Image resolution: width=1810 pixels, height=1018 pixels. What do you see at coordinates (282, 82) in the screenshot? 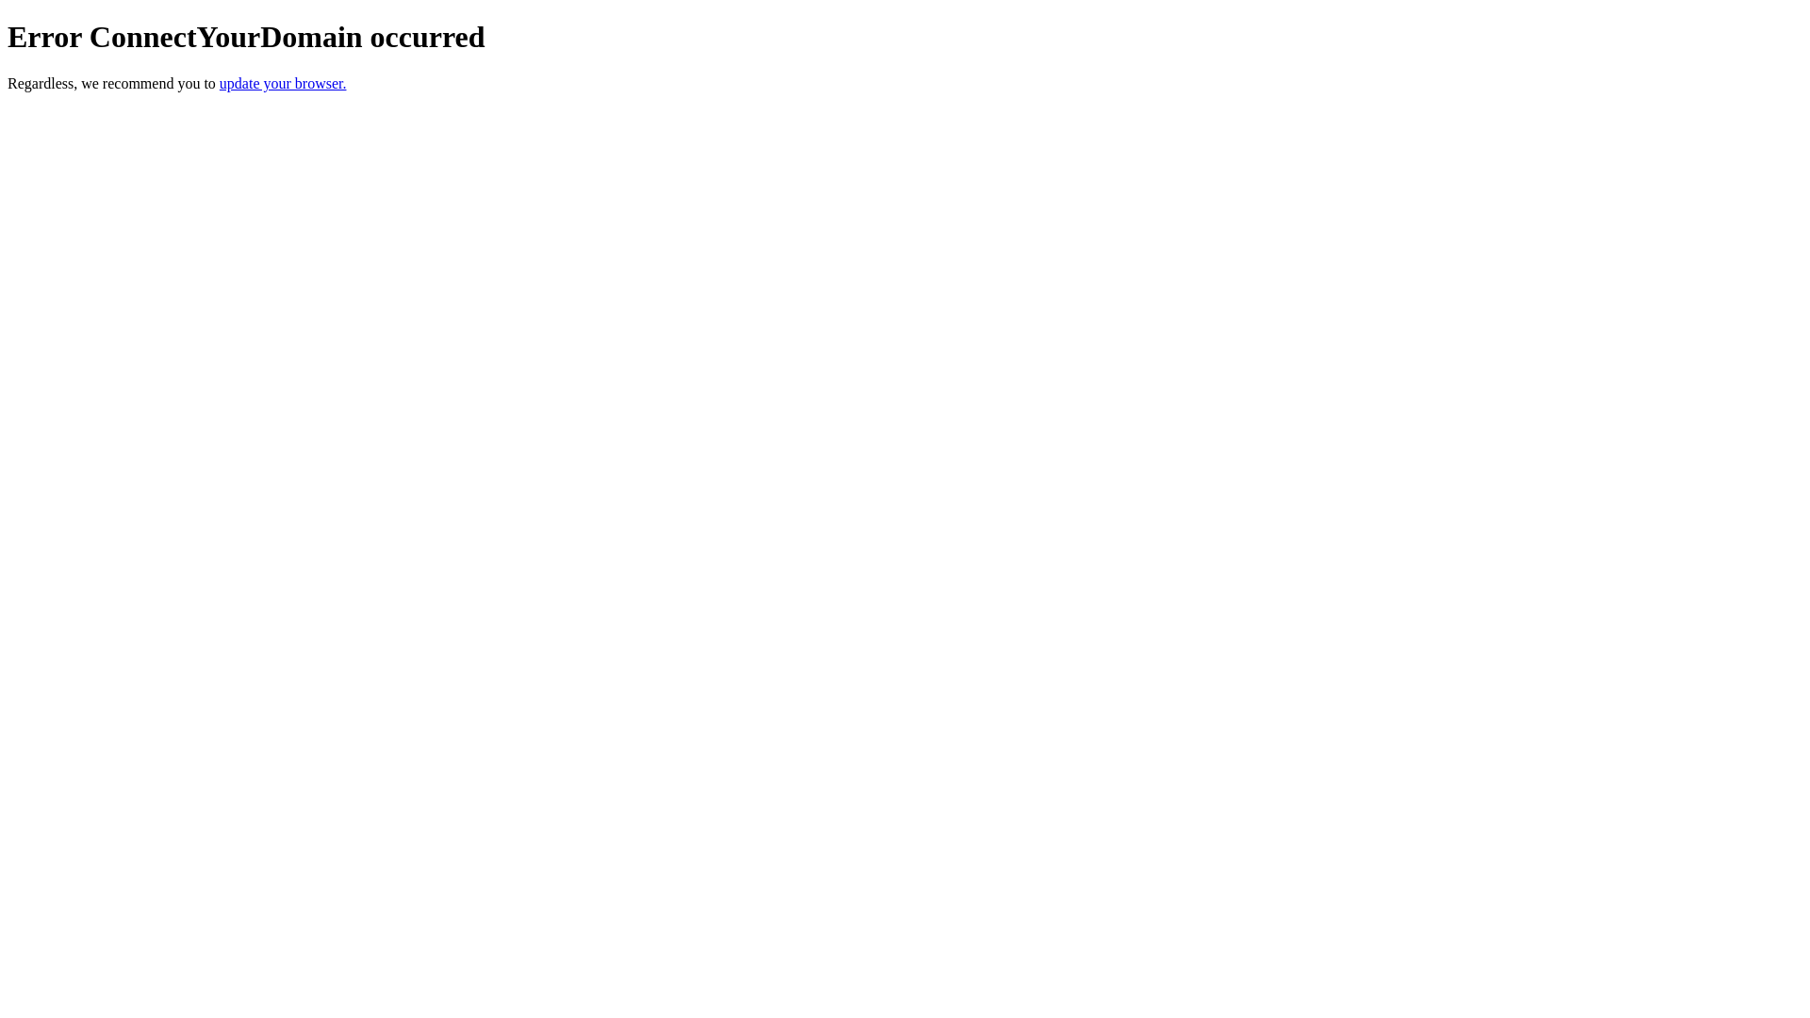
I see `'update your browser.'` at bounding box center [282, 82].